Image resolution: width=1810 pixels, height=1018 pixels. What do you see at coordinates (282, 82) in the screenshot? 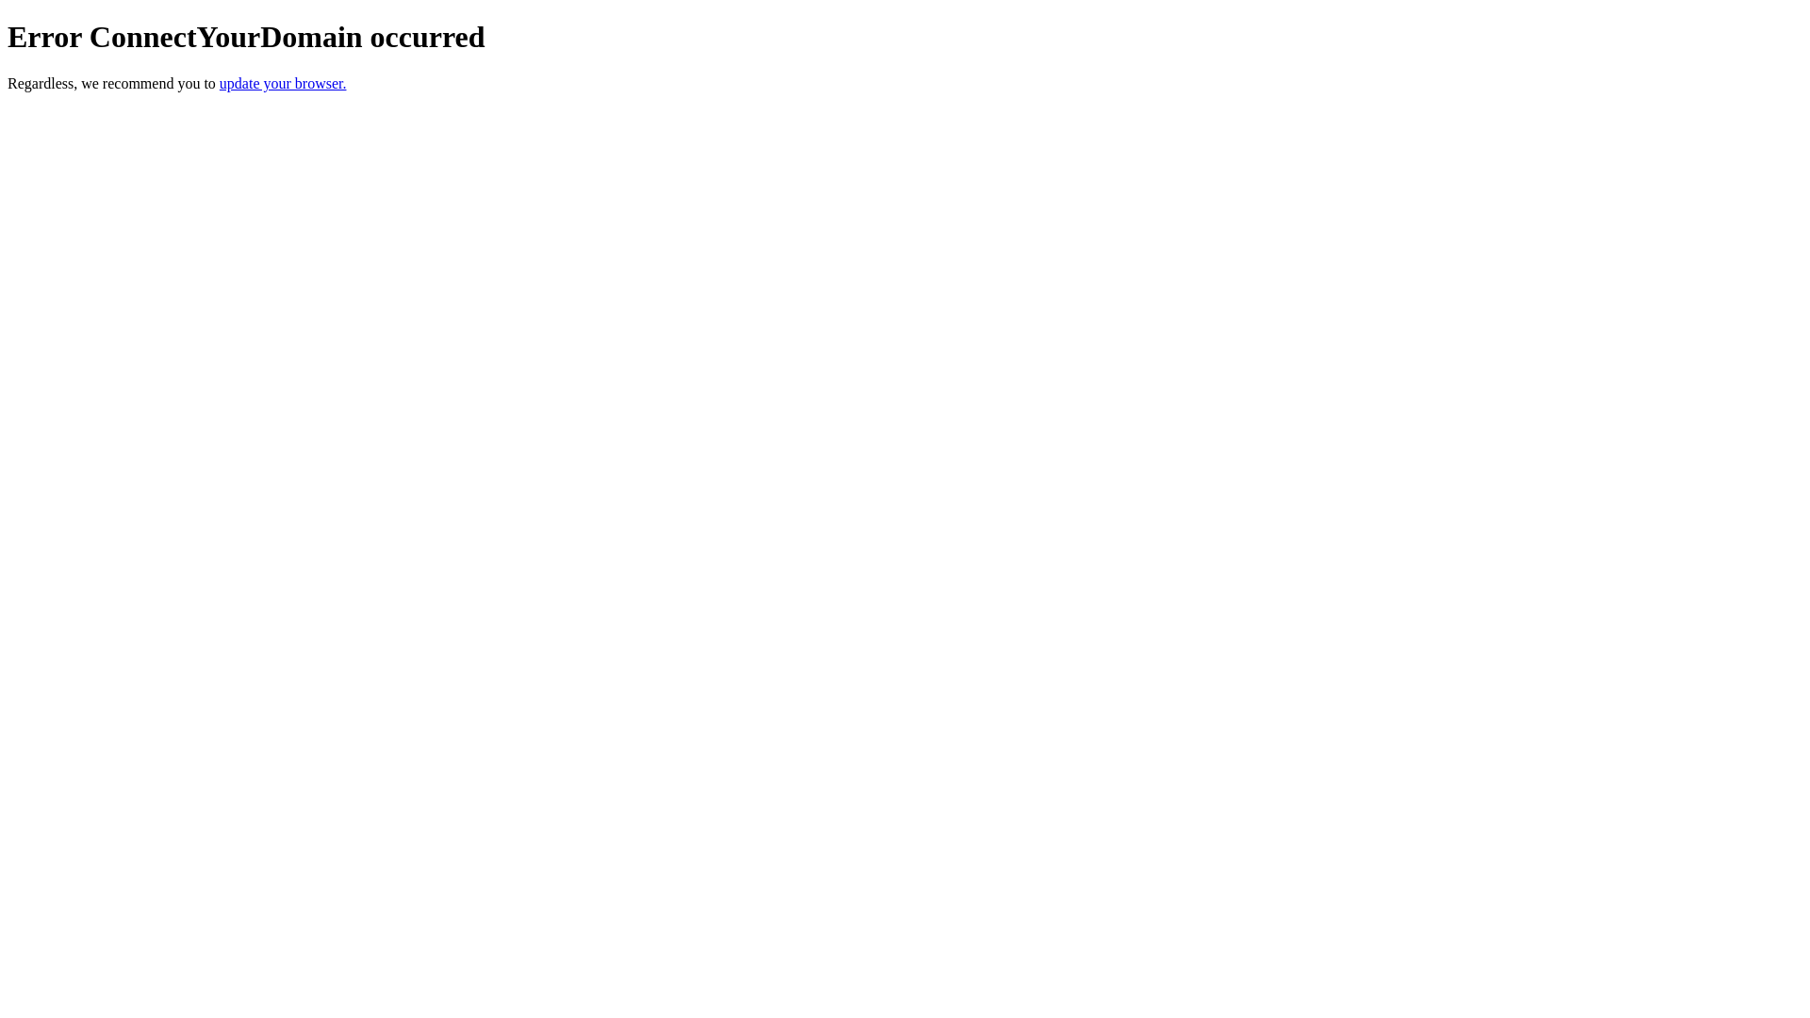
I see `'update your browser.'` at bounding box center [282, 82].